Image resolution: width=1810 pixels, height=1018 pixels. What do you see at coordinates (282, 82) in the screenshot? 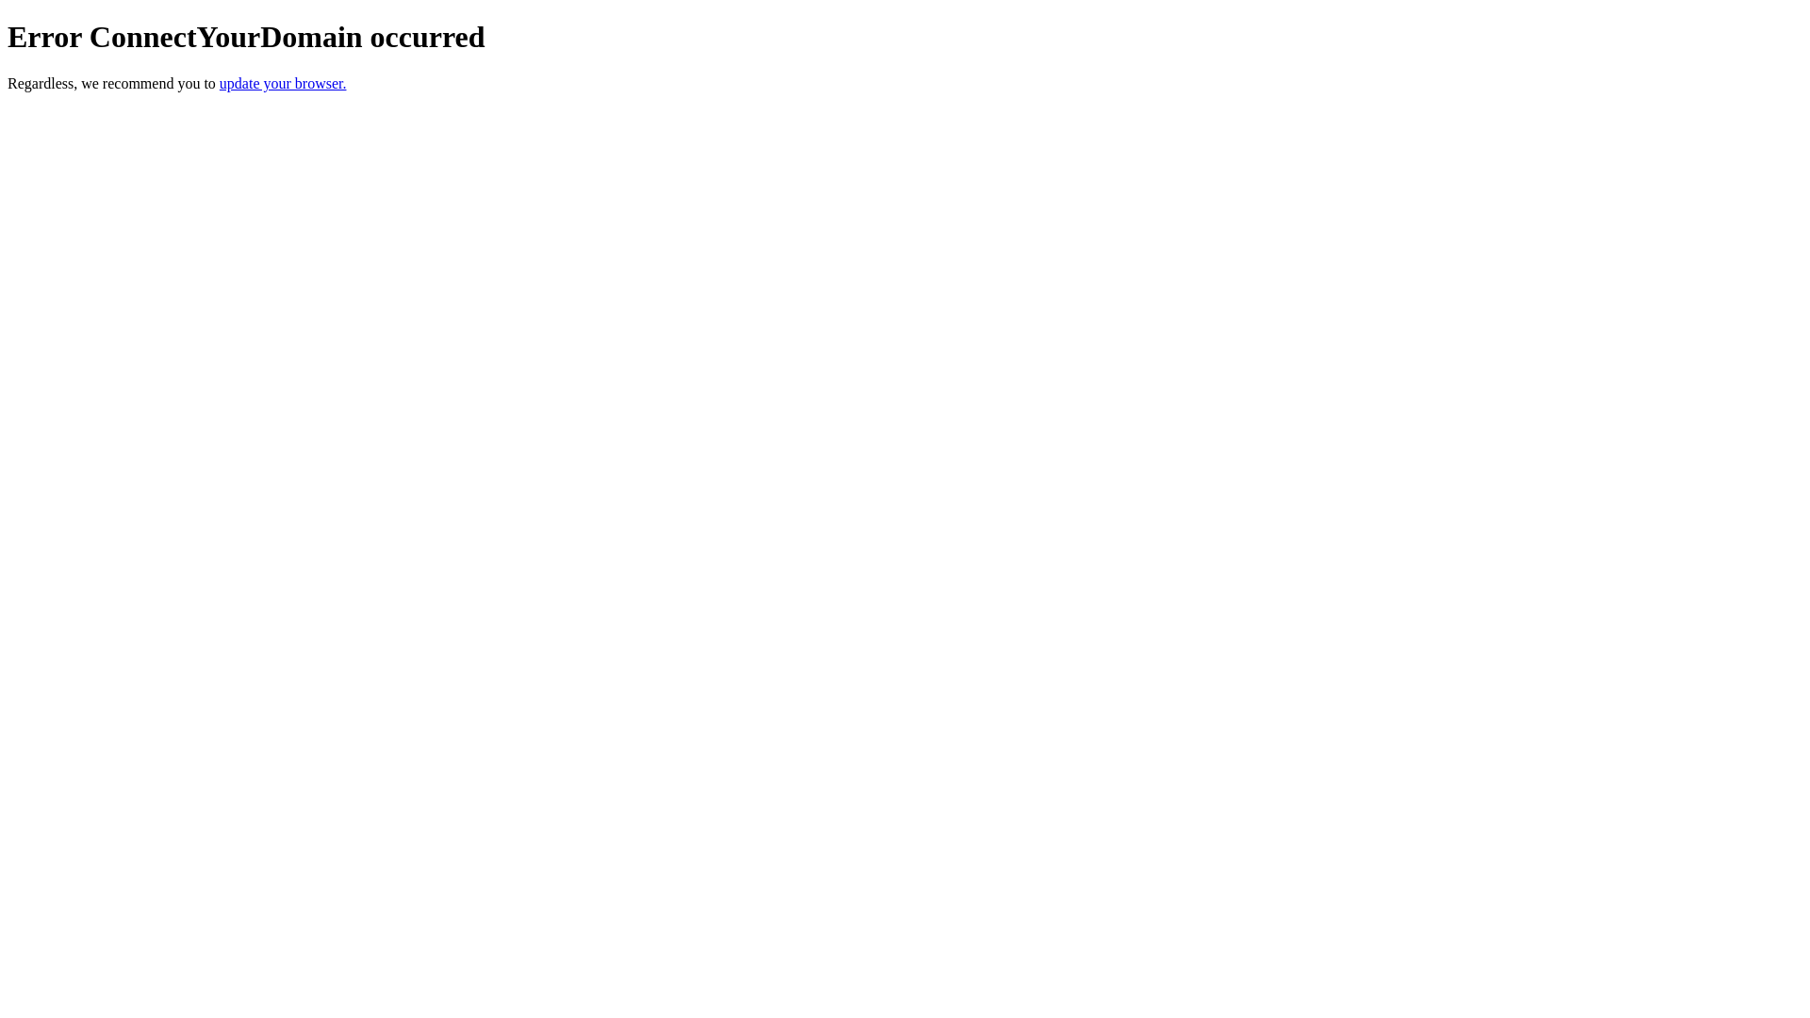
I see `'update your browser.'` at bounding box center [282, 82].